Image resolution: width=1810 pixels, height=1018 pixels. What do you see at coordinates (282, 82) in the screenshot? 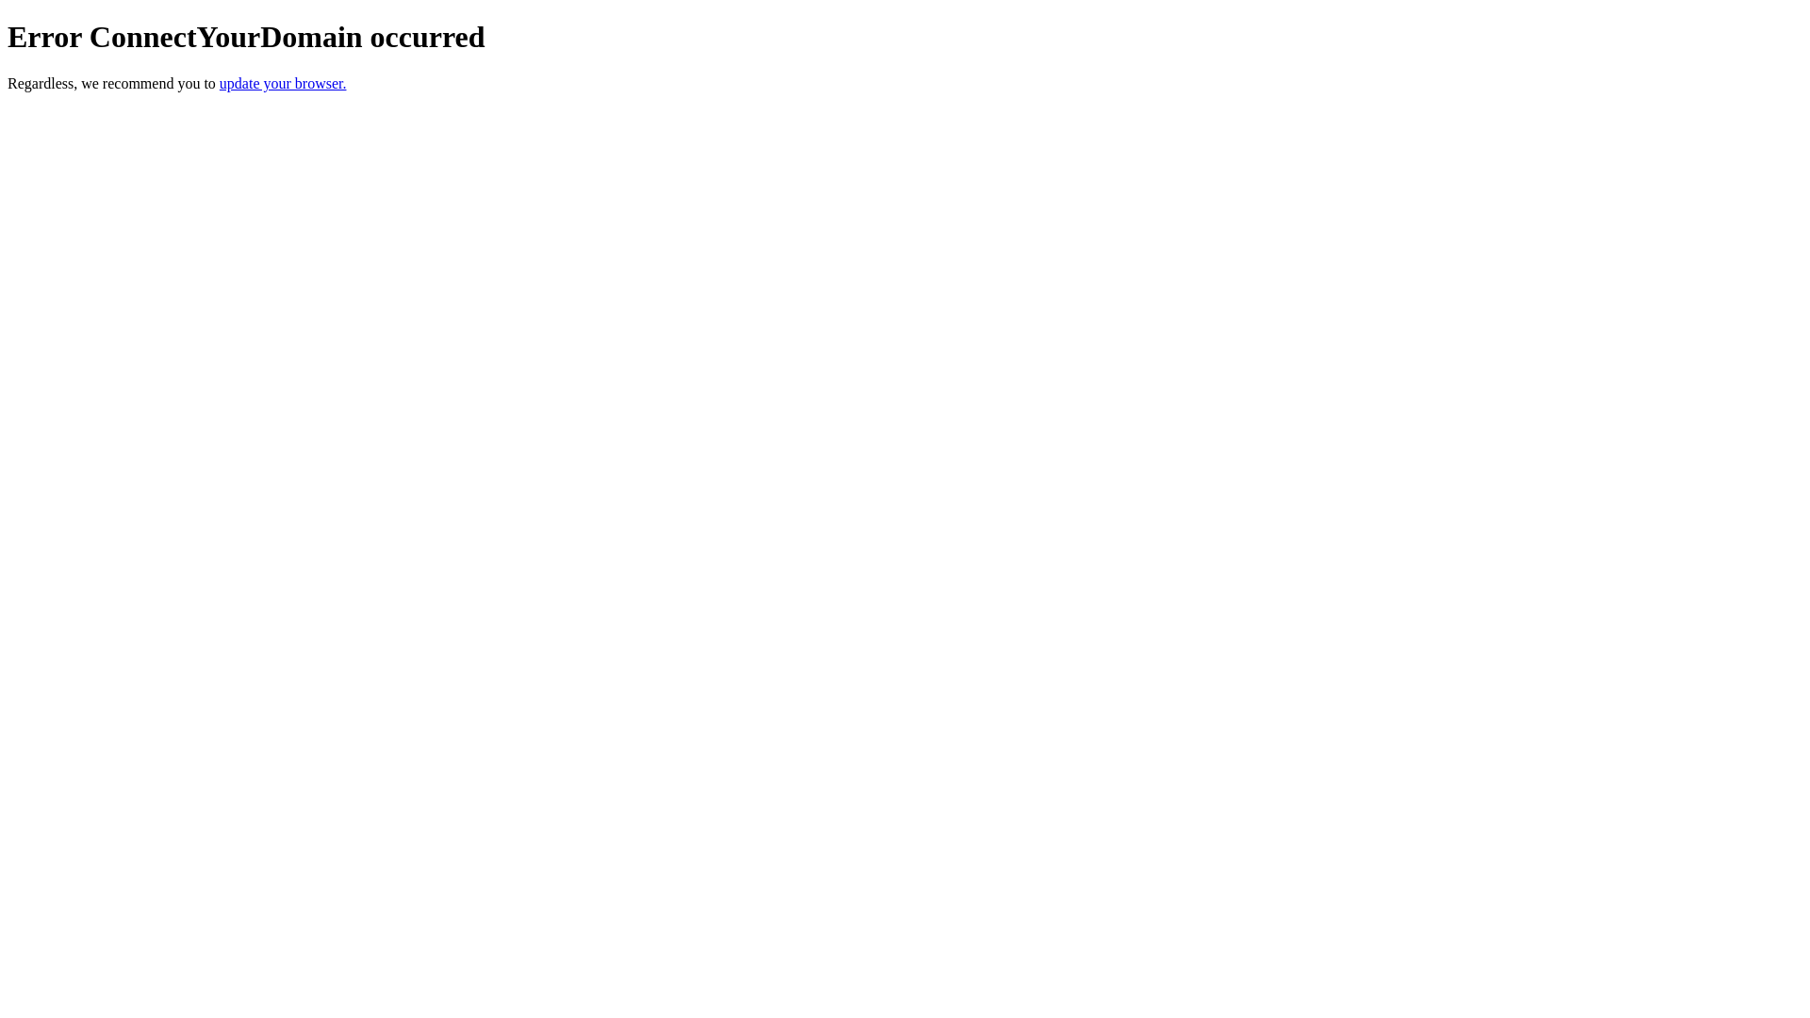
I see `'update your browser.'` at bounding box center [282, 82].